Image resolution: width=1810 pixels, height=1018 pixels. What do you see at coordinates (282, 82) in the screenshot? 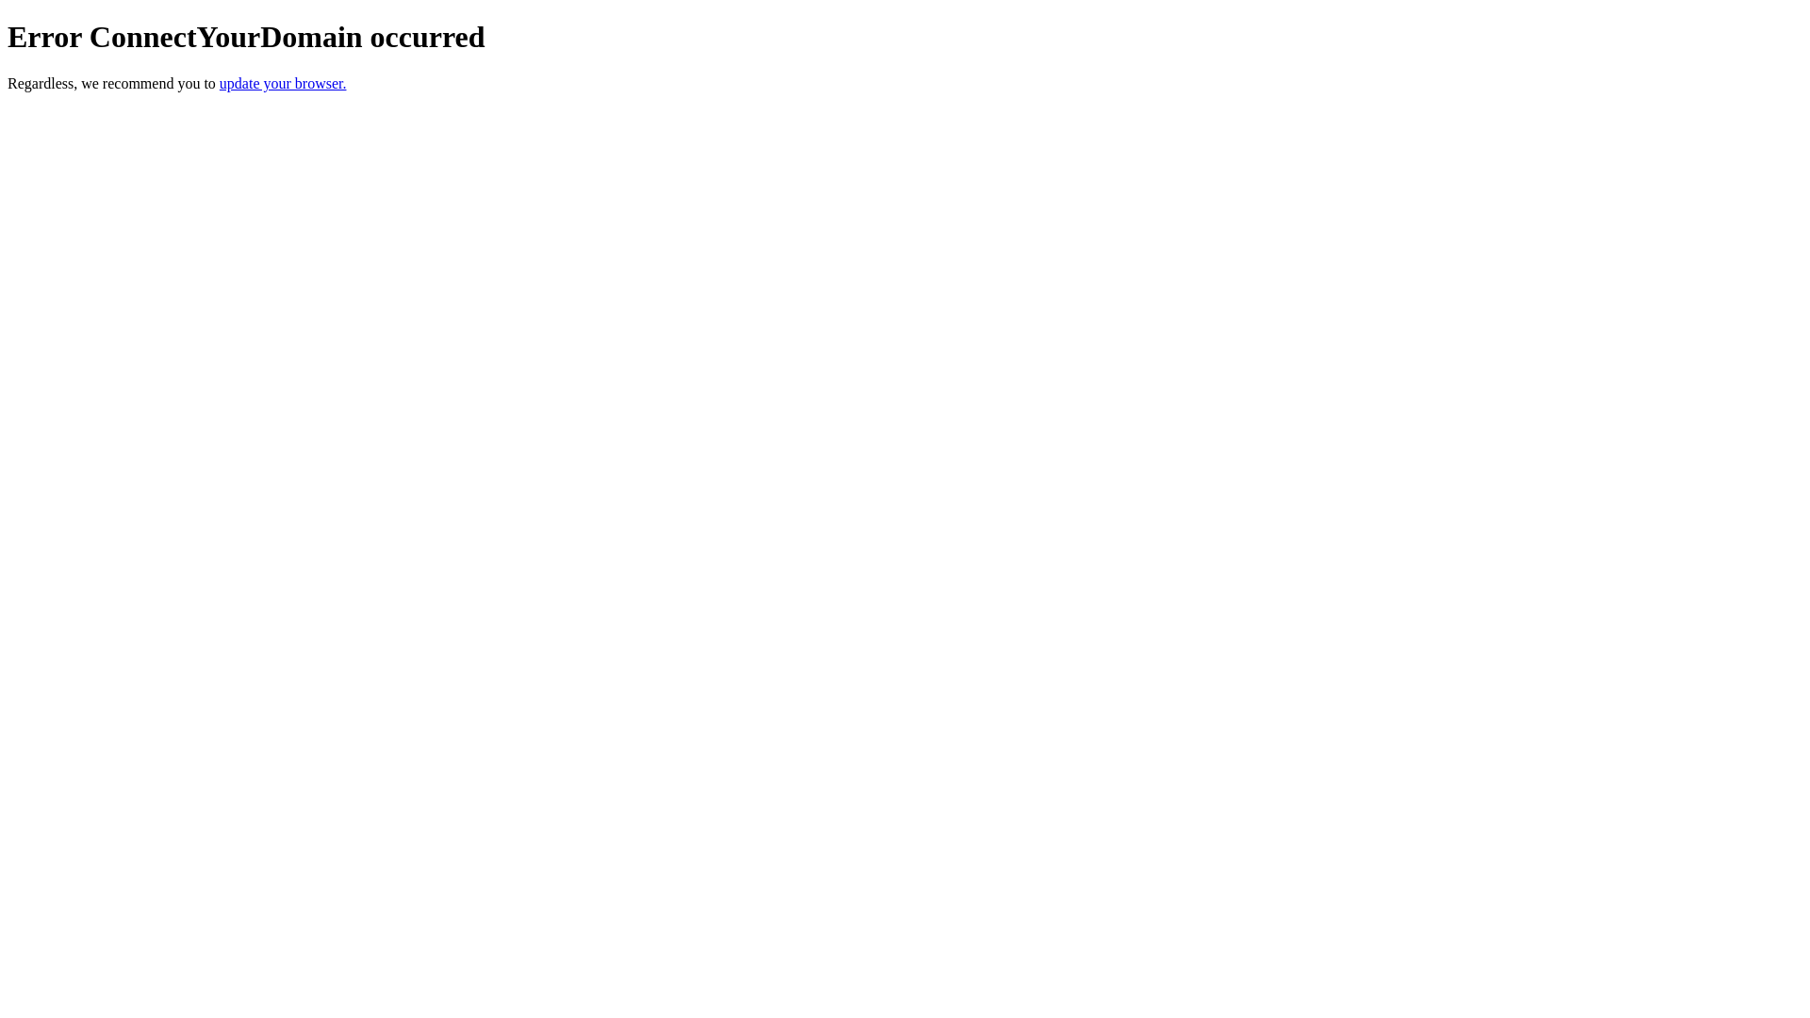
I see `'update your browser.'` at bounding box center [282, 82].